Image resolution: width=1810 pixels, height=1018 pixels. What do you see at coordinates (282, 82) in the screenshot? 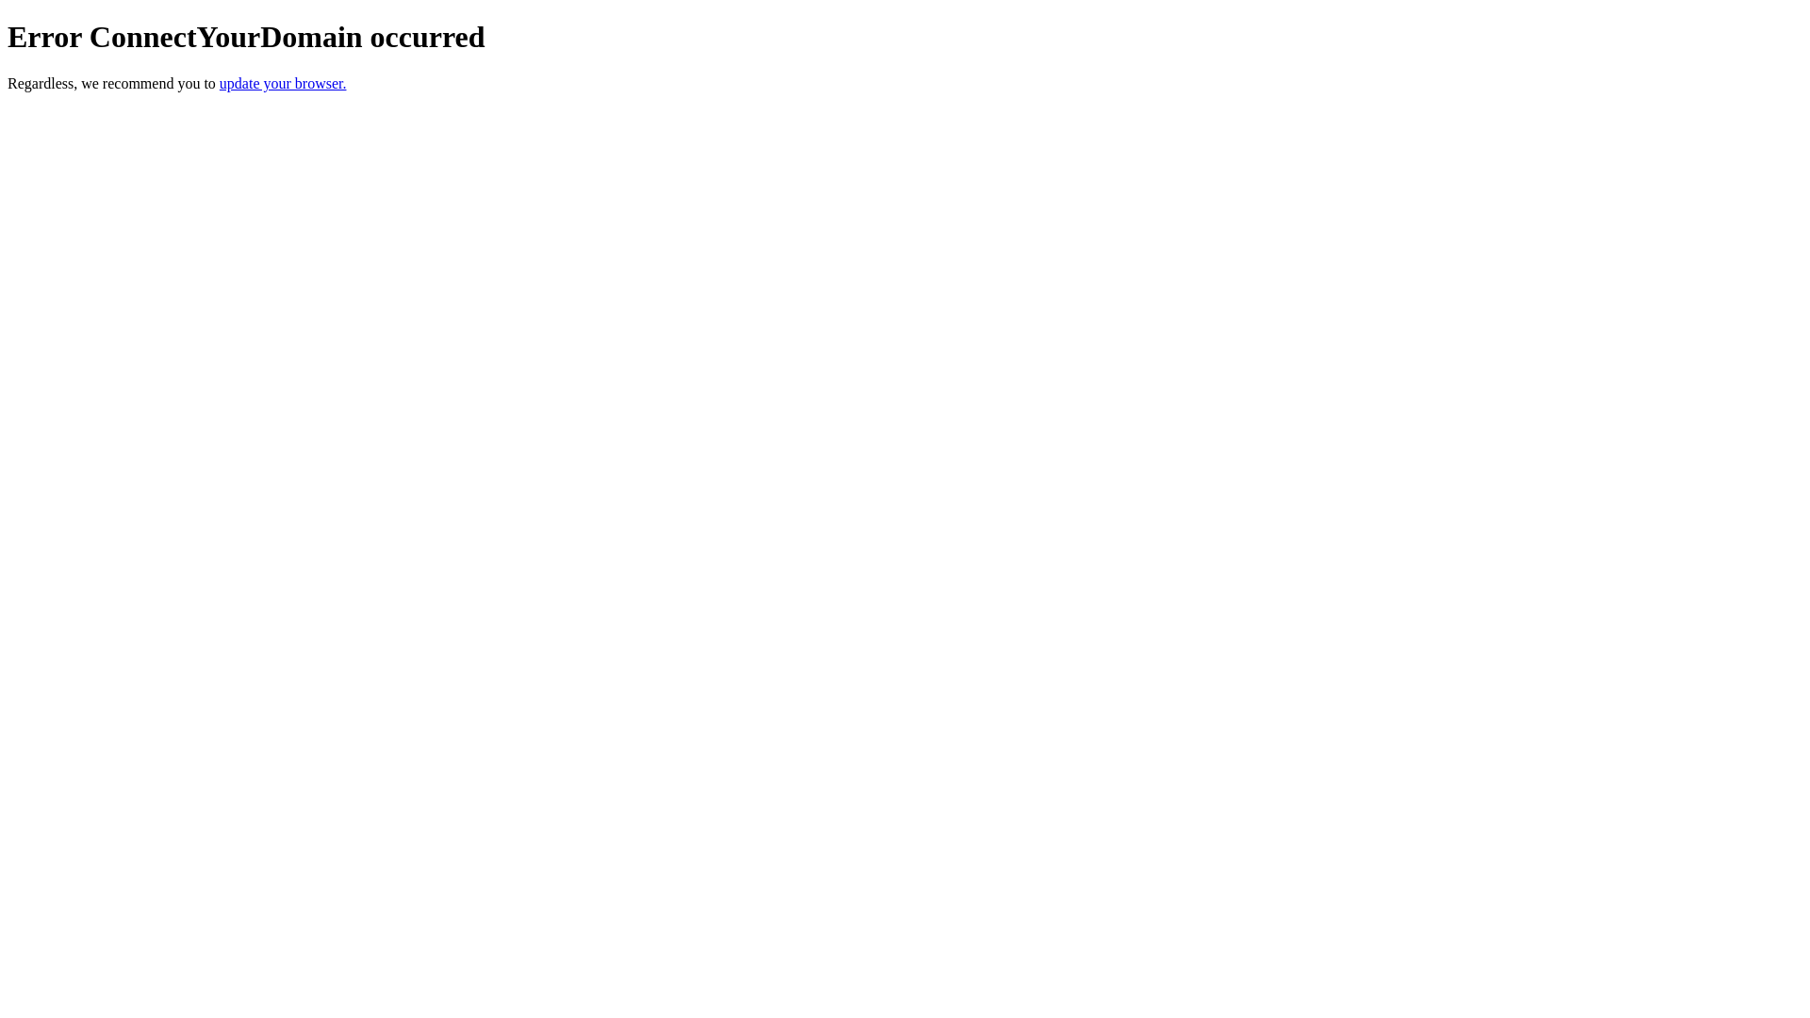
I see `'update your browser.'` at bounding box center [282, 82].